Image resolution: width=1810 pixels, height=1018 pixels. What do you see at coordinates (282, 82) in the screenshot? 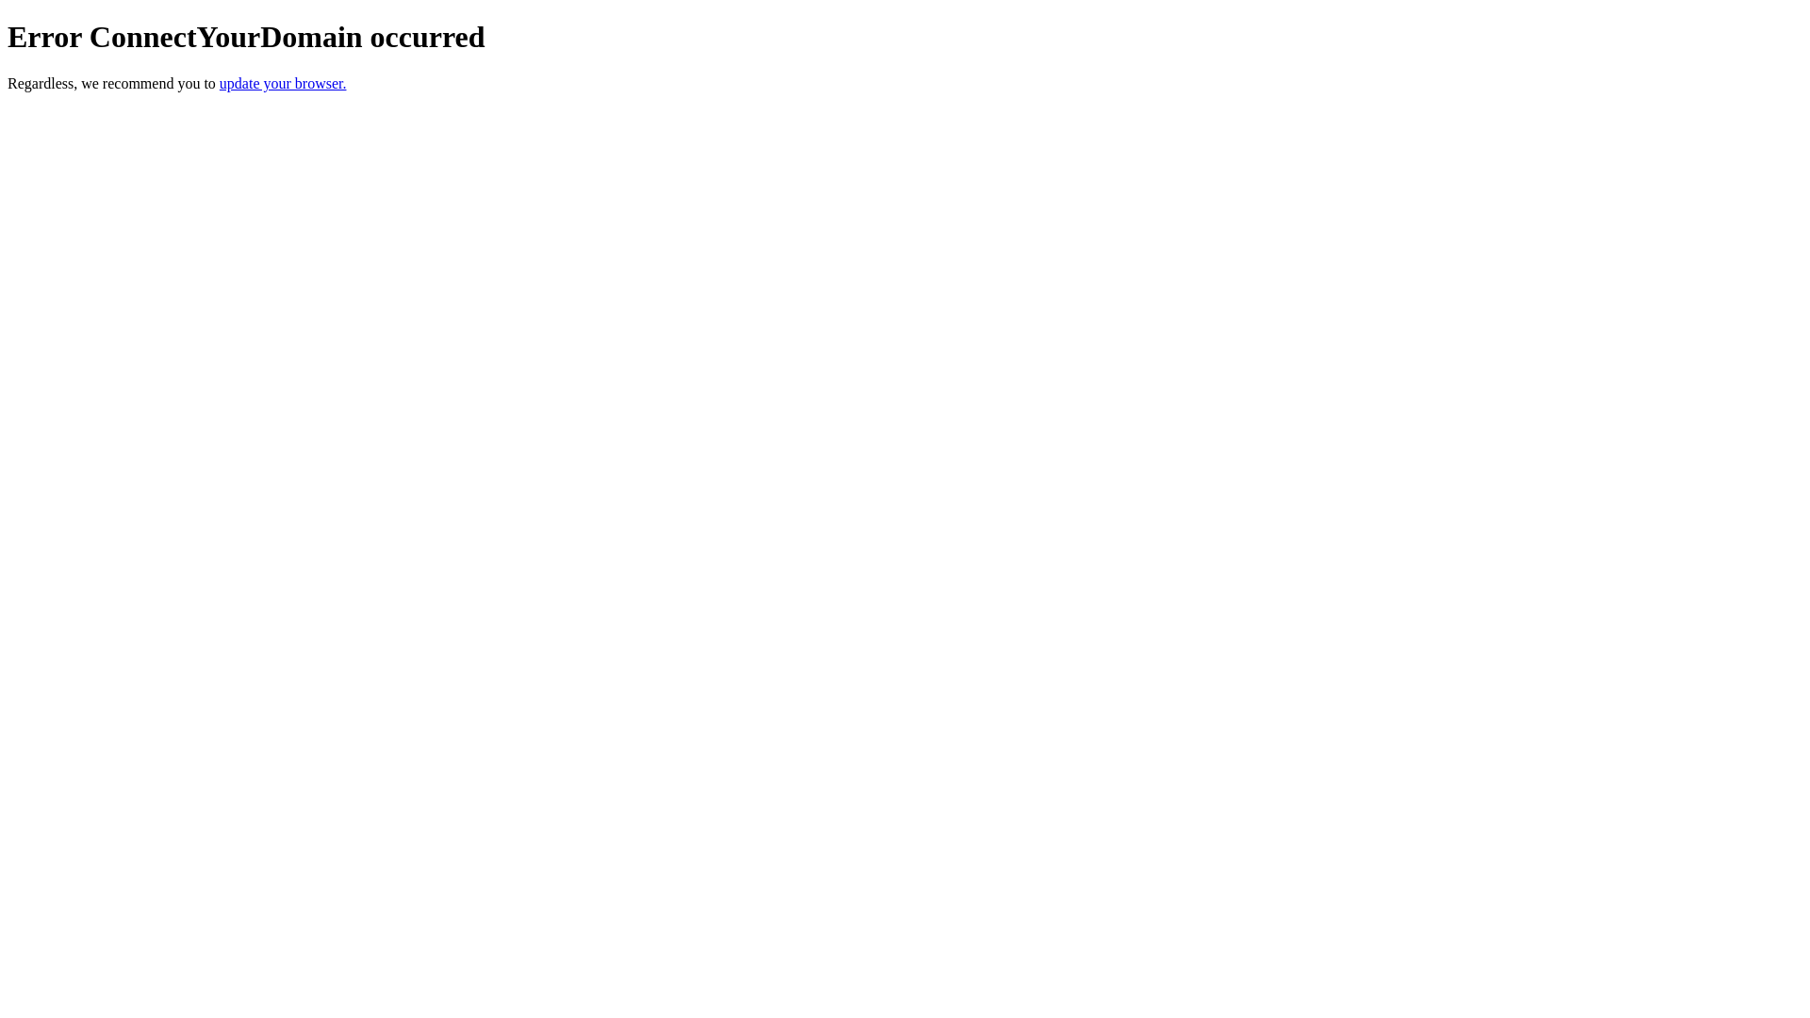
I see `'update your browser.'` at bounding box center [282, 82].